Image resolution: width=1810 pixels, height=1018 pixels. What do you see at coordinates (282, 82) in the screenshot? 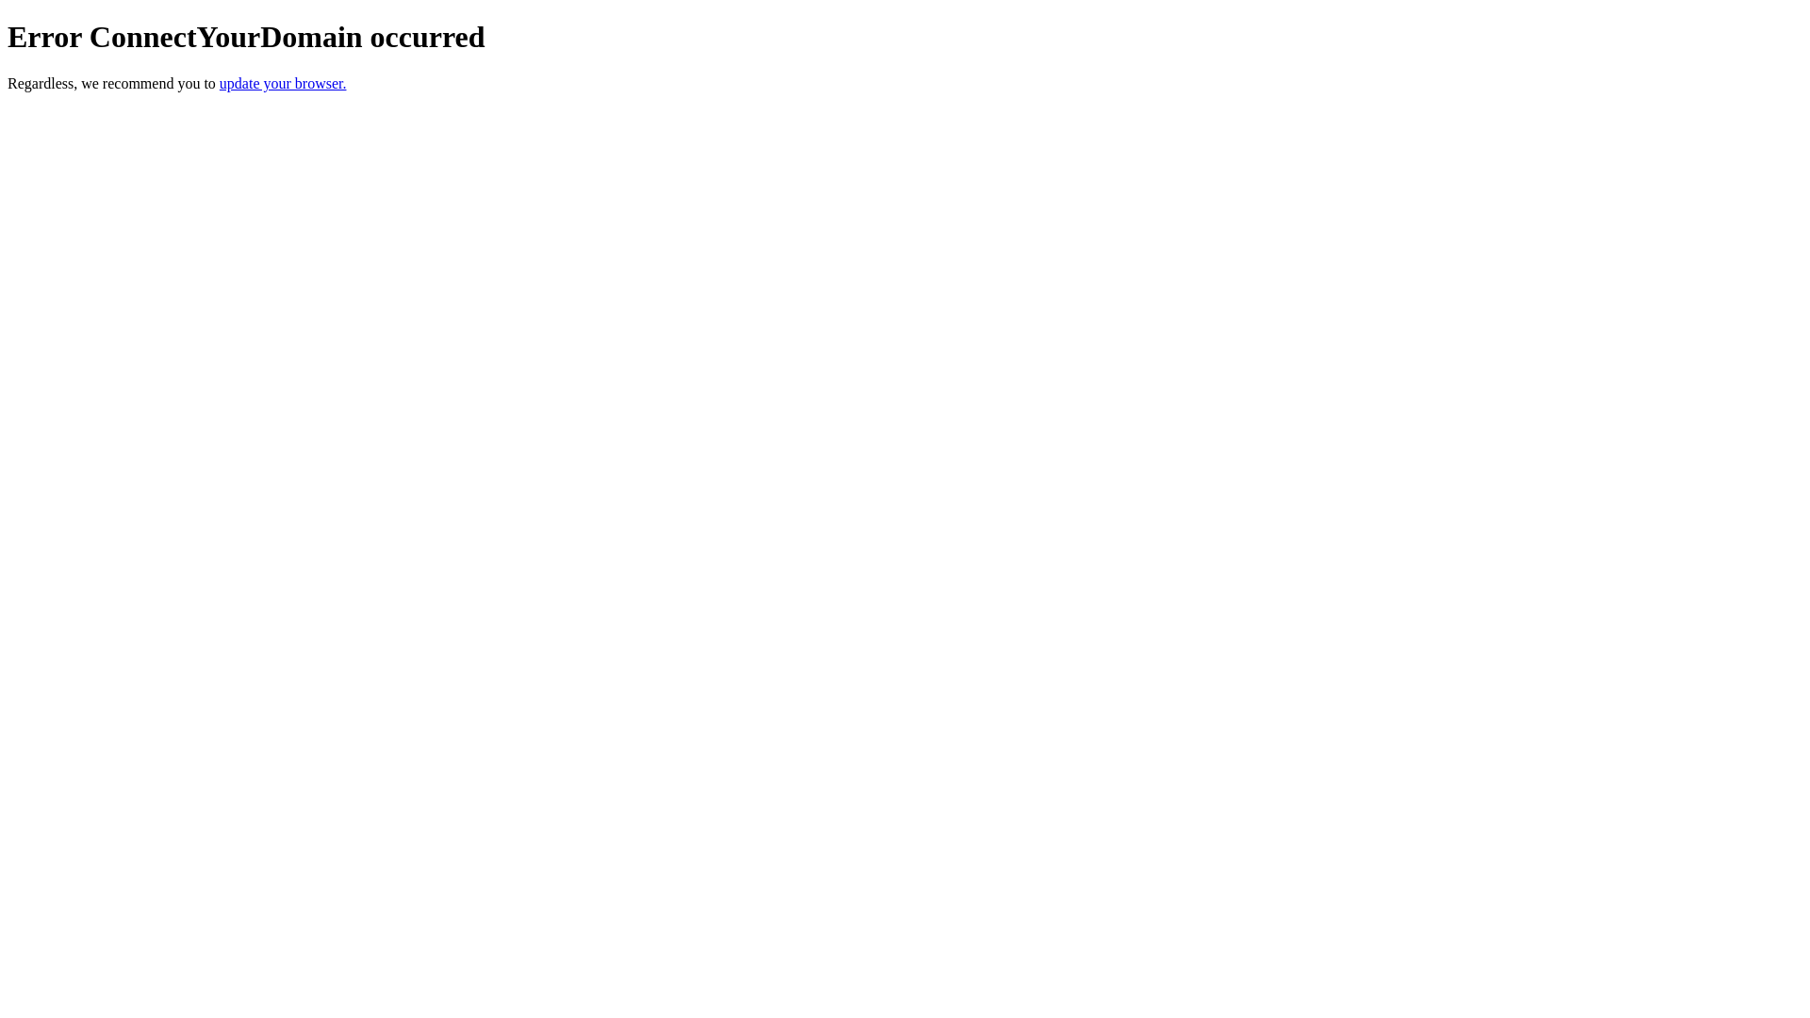
I see `'update your browser.'` at bounding box center [282, 82].